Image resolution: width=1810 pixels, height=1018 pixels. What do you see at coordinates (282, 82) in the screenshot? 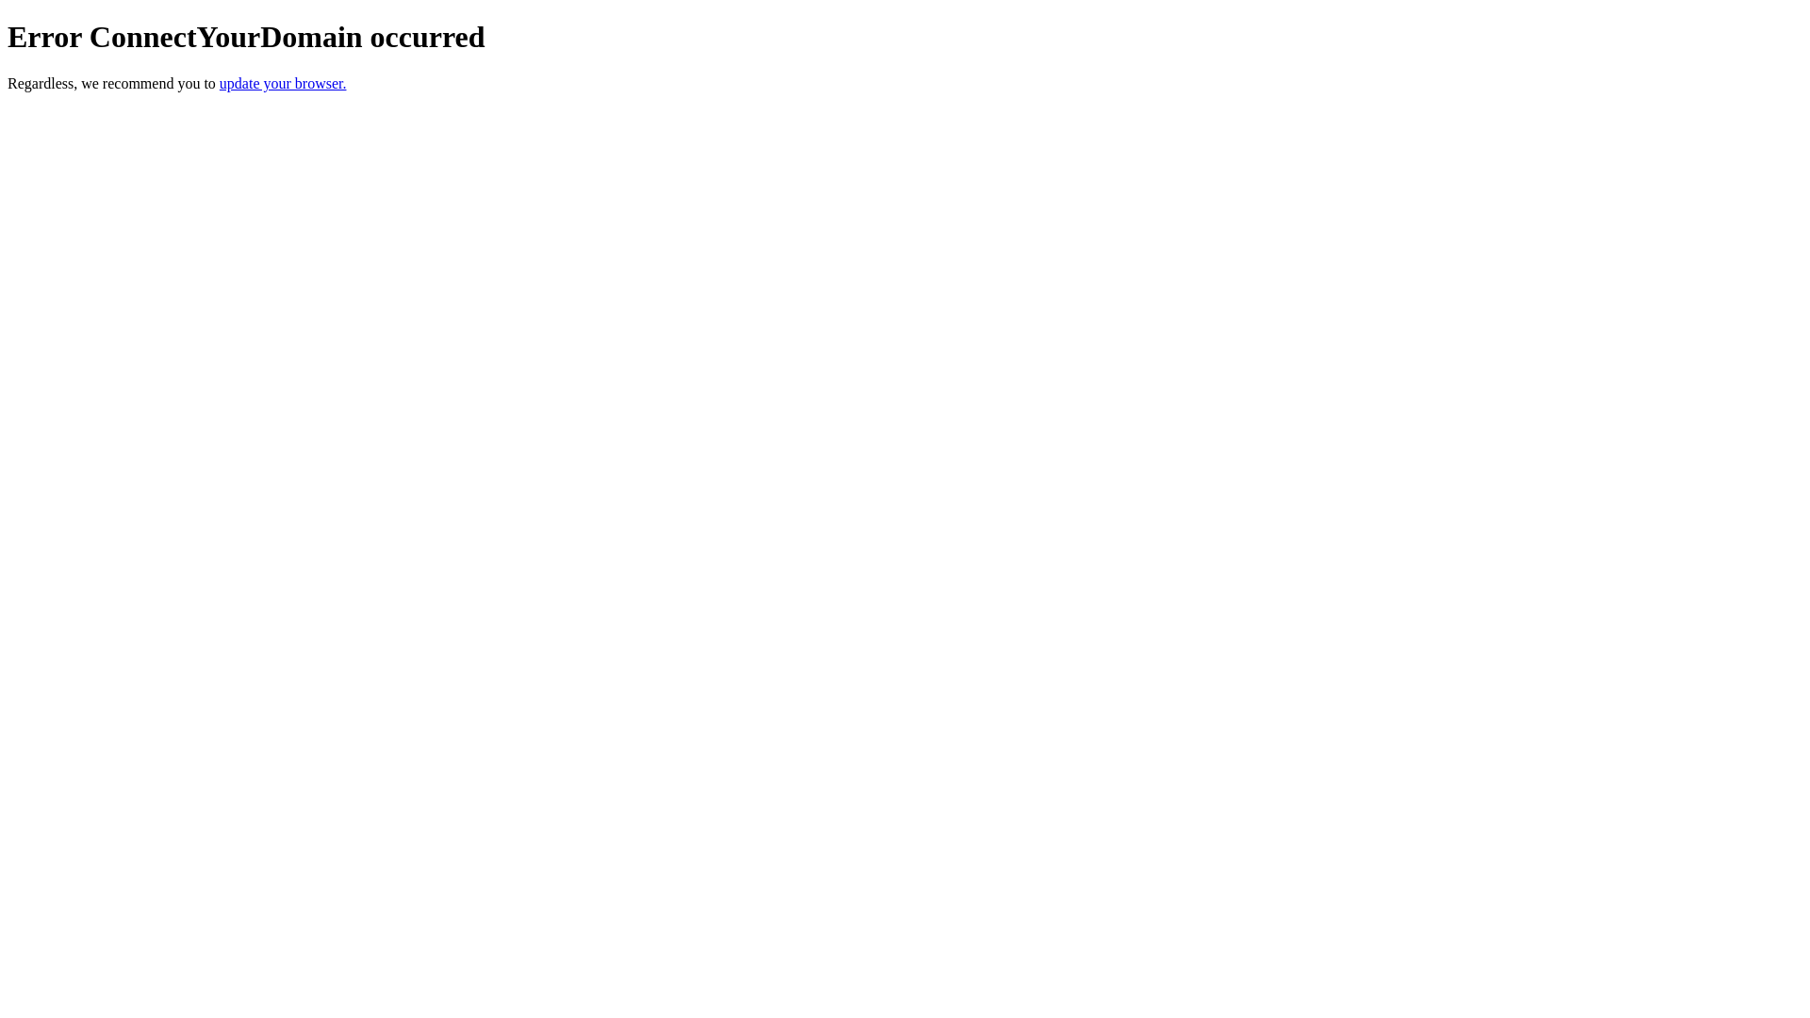
I see `'update your browser.'` at bounding box center [282, 82].